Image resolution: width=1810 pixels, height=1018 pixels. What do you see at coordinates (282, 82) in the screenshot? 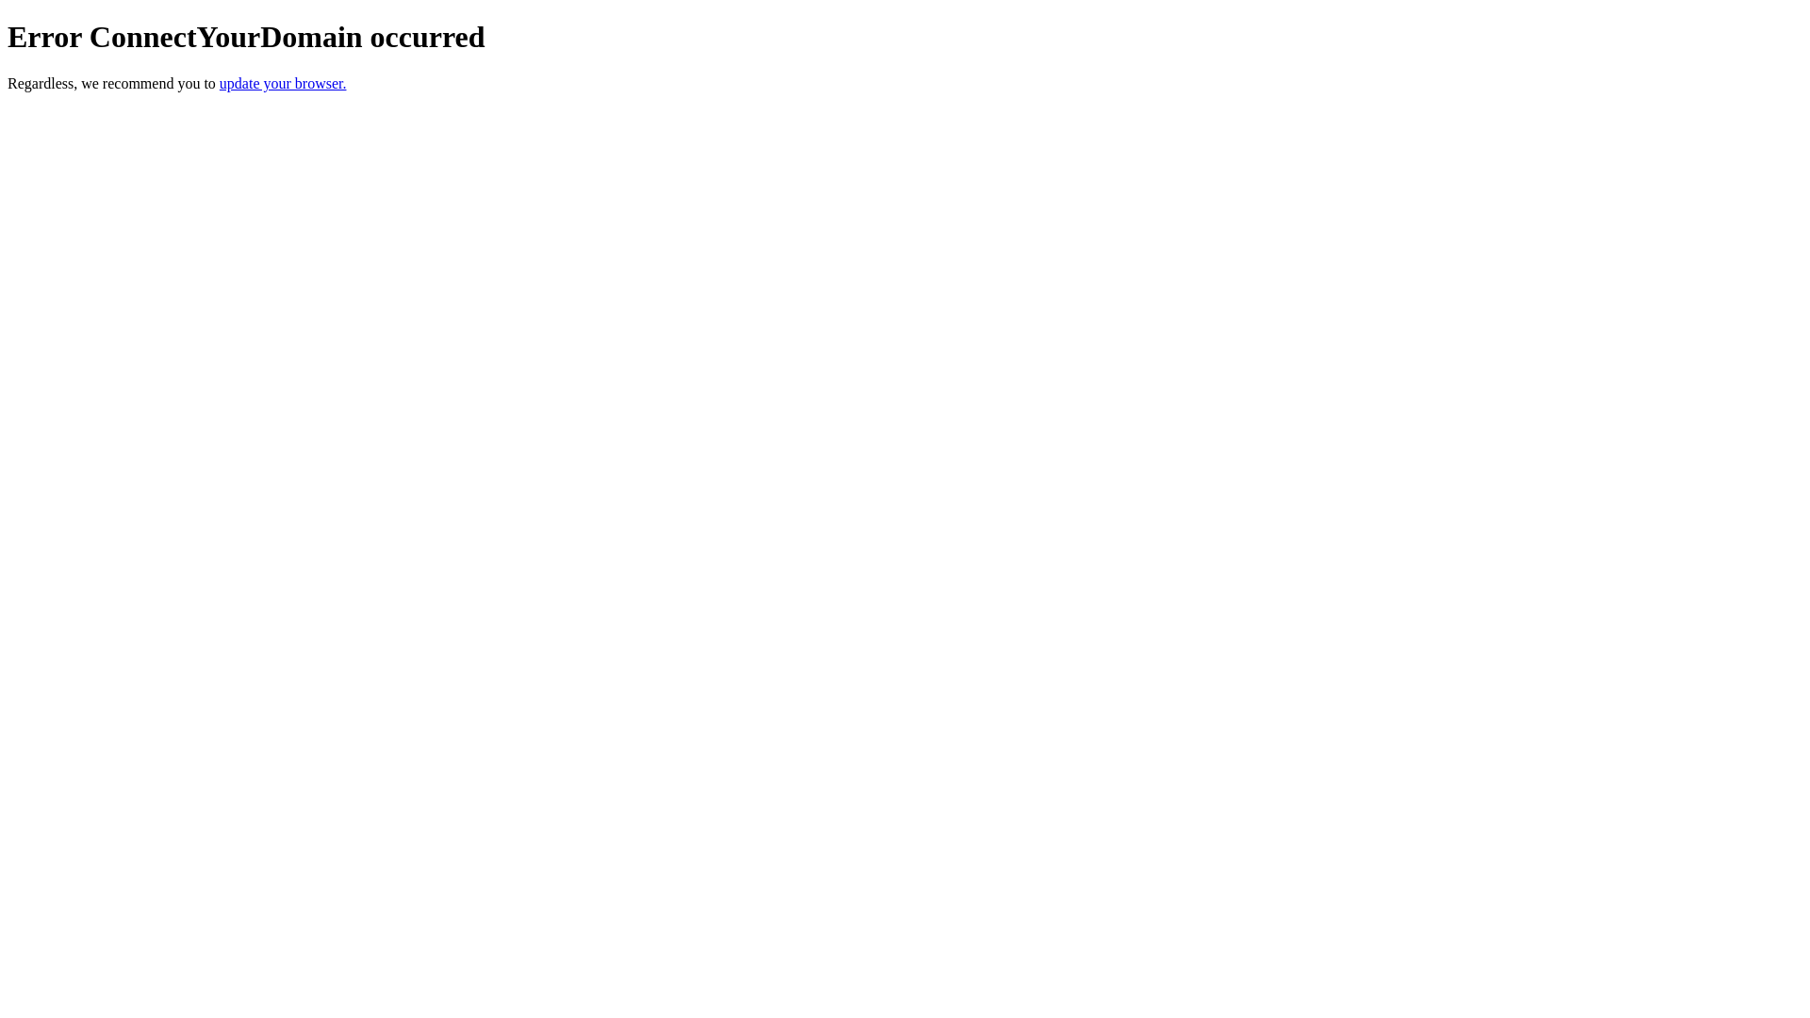
I see `'update your browser.'` at bounding box center [282, 82].